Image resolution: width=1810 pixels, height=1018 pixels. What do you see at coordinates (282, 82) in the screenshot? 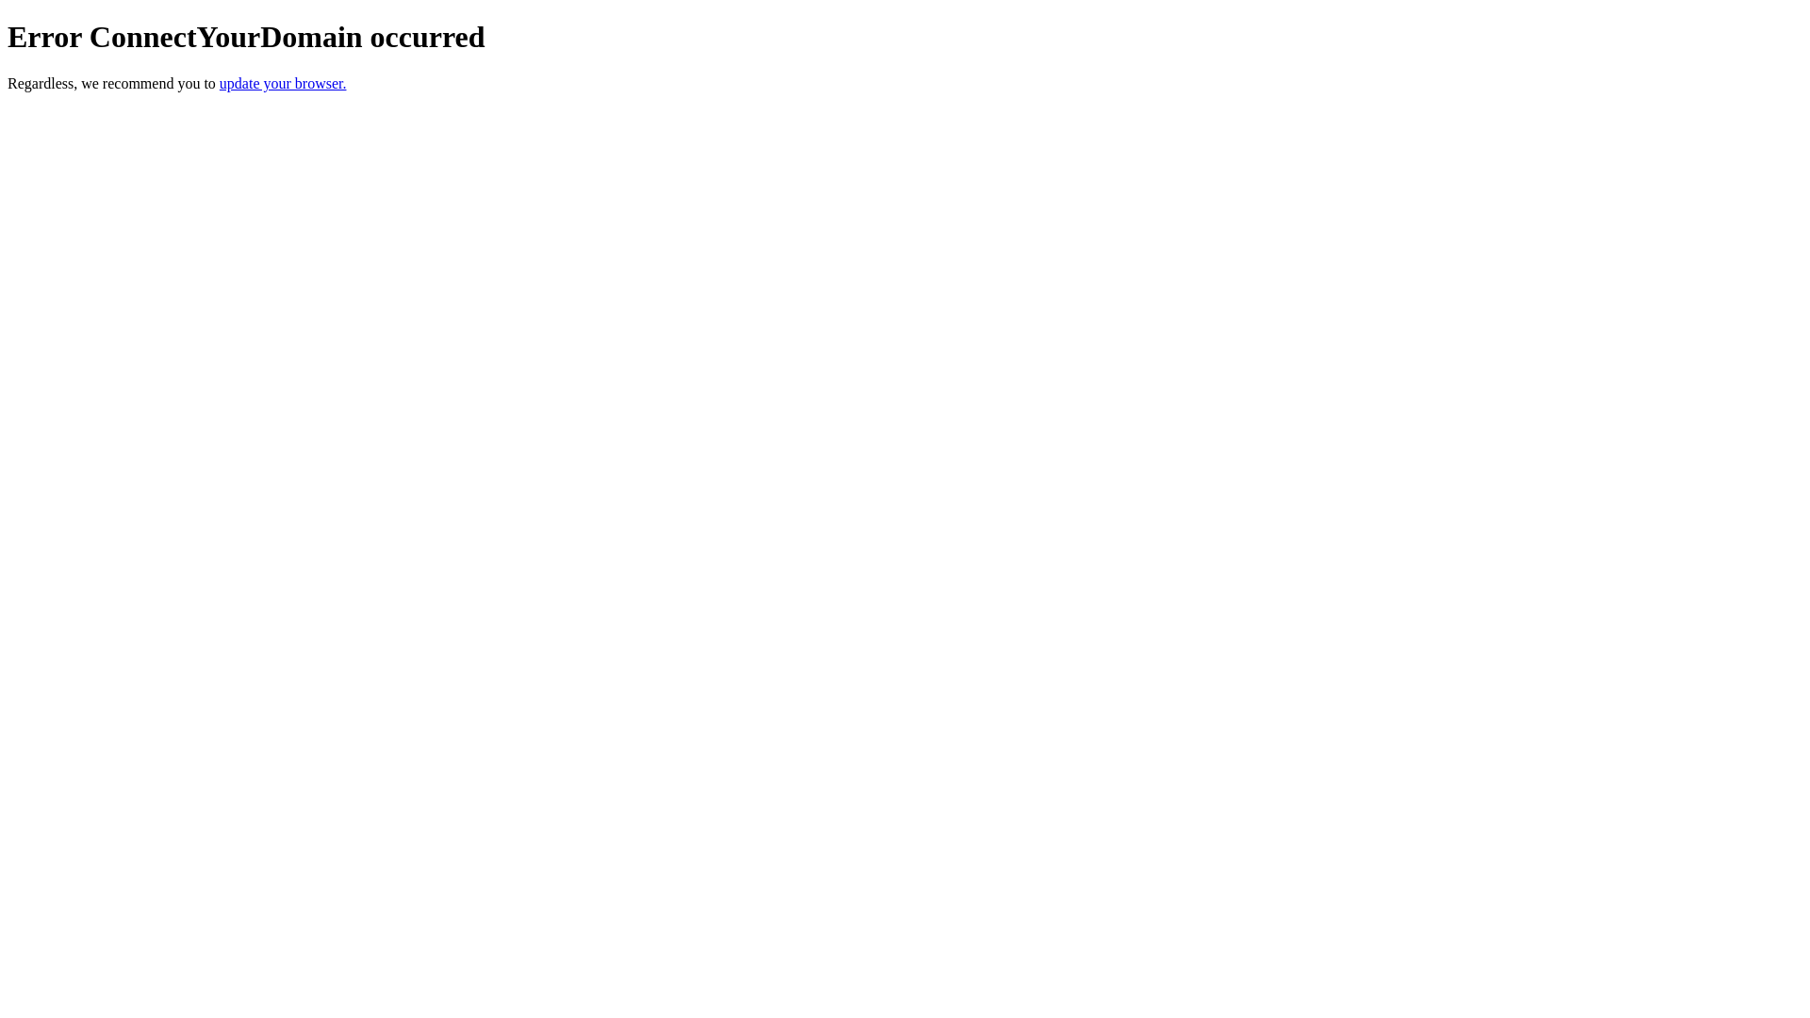
I see `'update your browser.'` at bounding box center [282, 82].